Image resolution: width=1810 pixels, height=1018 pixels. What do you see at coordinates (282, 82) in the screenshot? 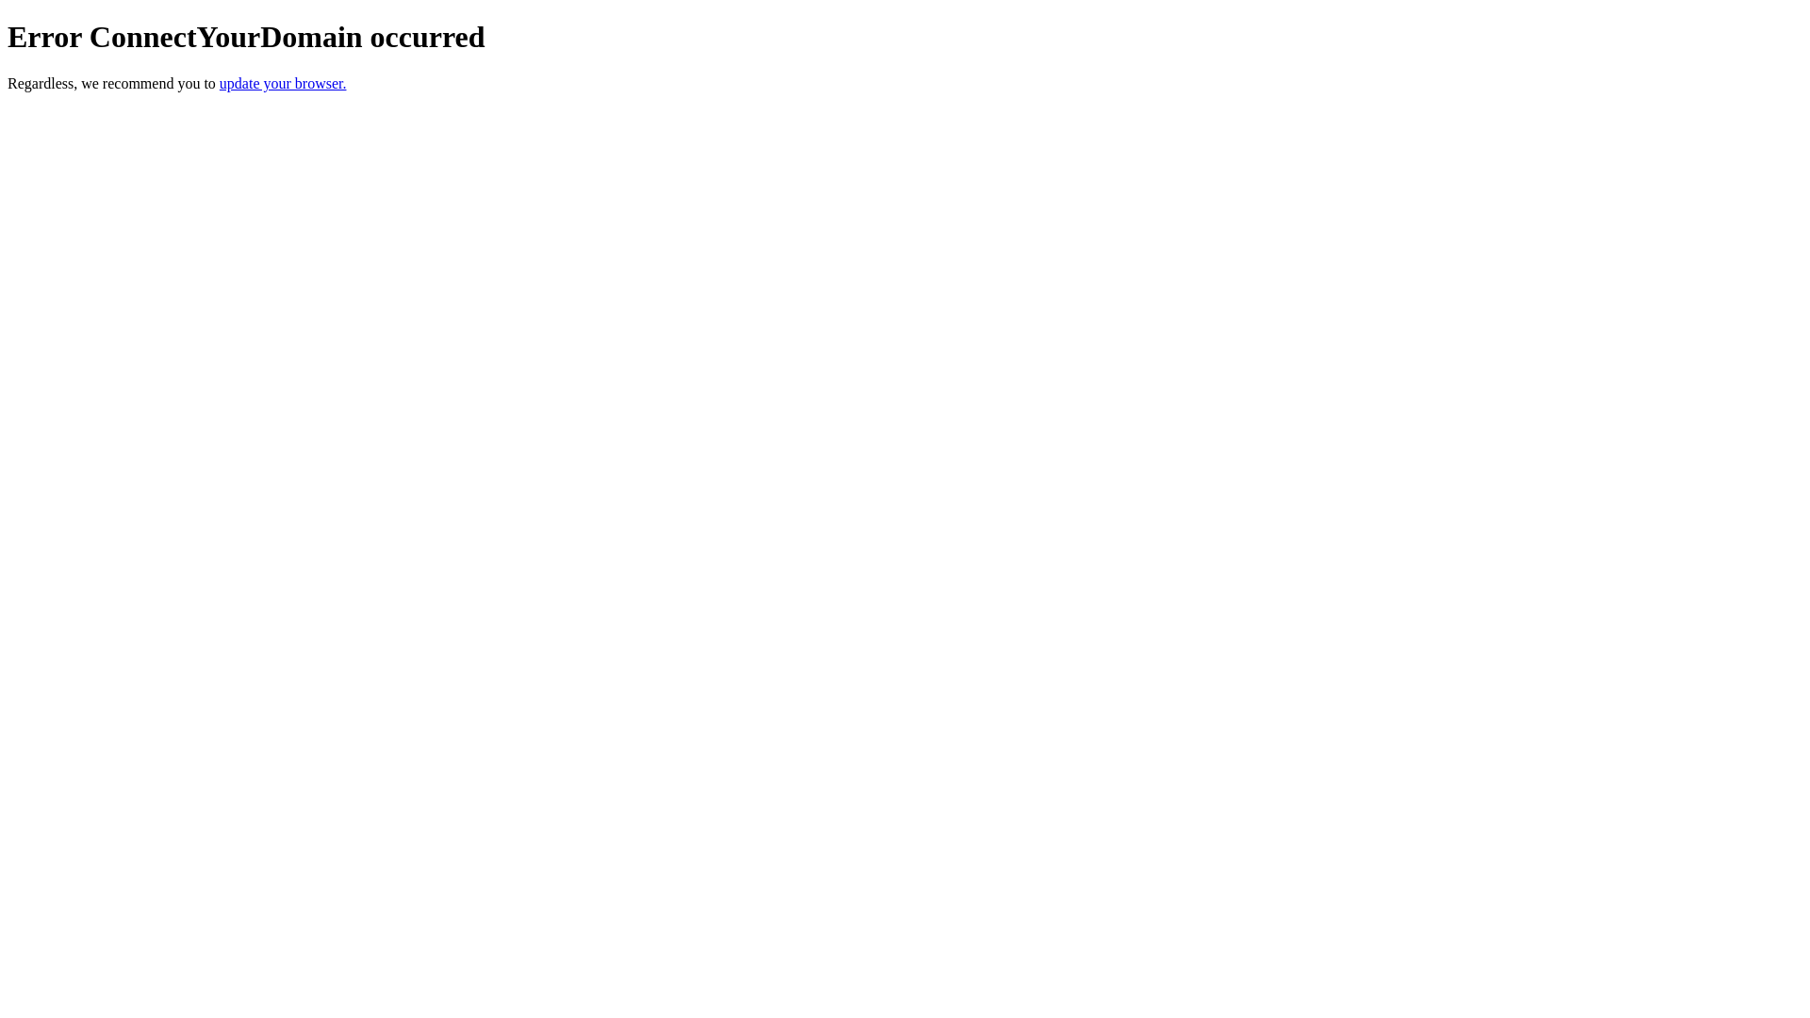
I see `'update your browser.'` at bounding box center [282, 82].